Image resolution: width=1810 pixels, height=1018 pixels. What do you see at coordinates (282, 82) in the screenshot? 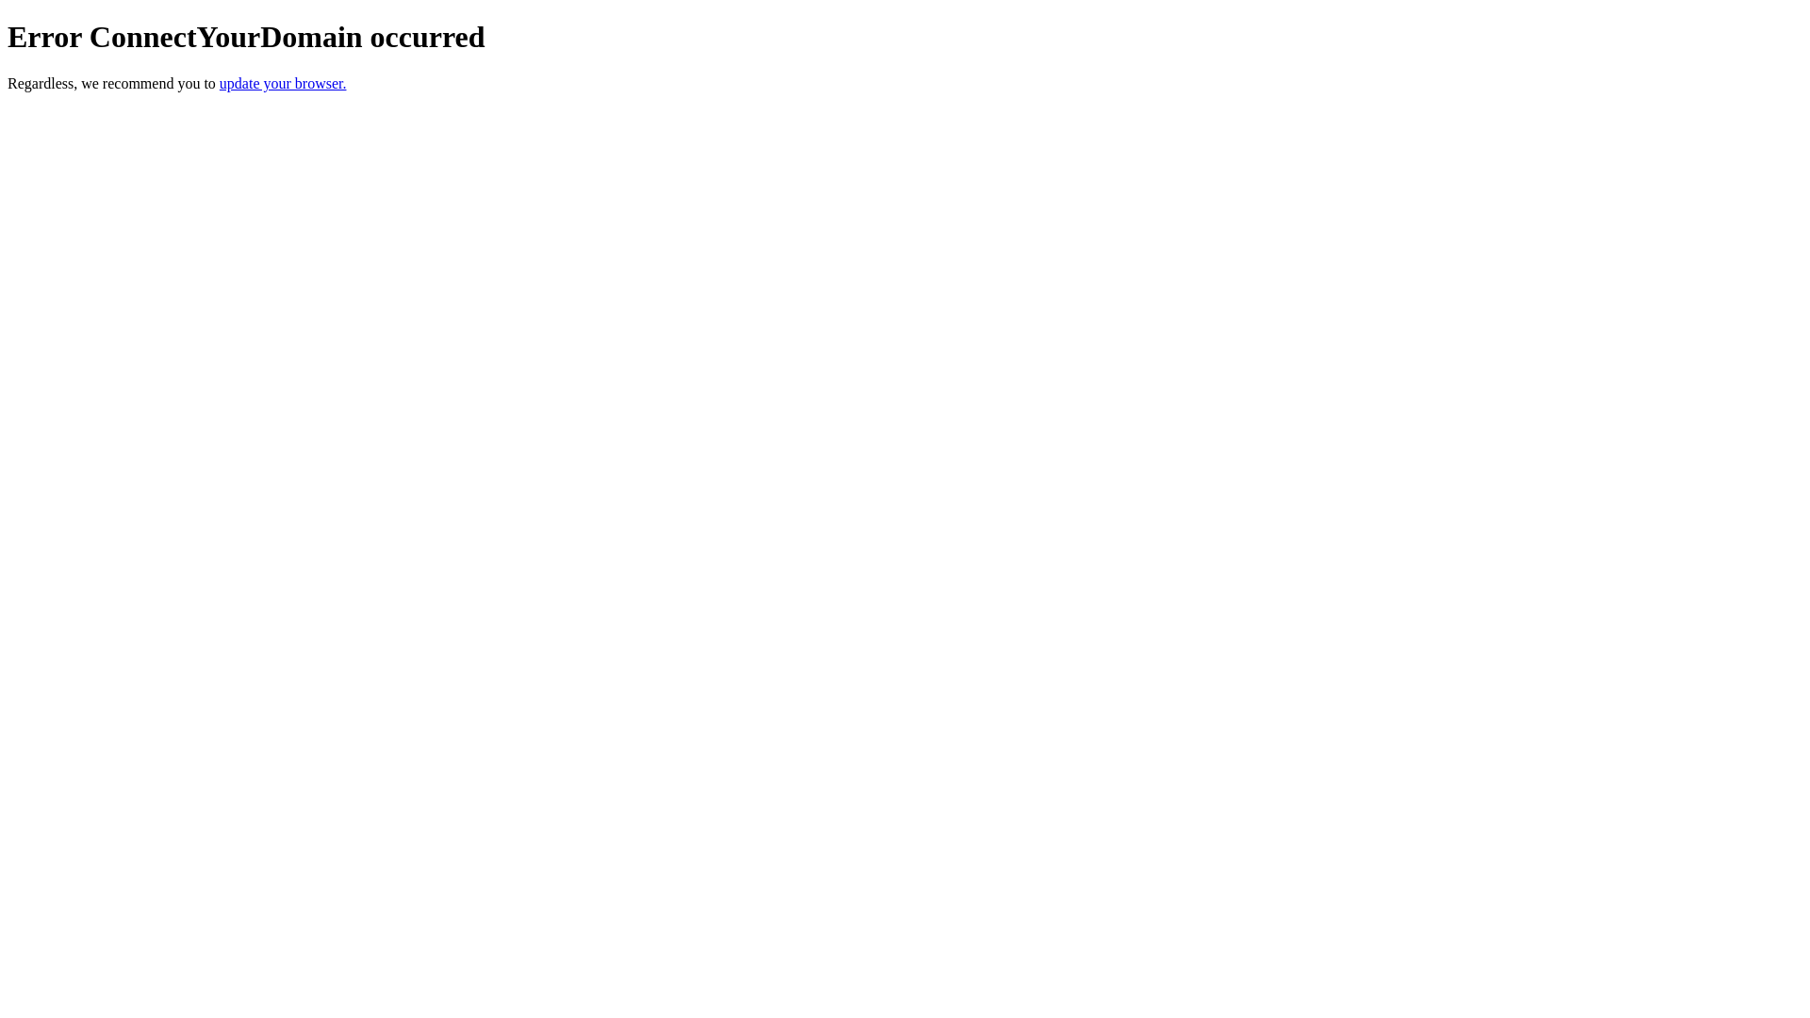
I see `'update your browser.'` at bounding box center [282, 82].